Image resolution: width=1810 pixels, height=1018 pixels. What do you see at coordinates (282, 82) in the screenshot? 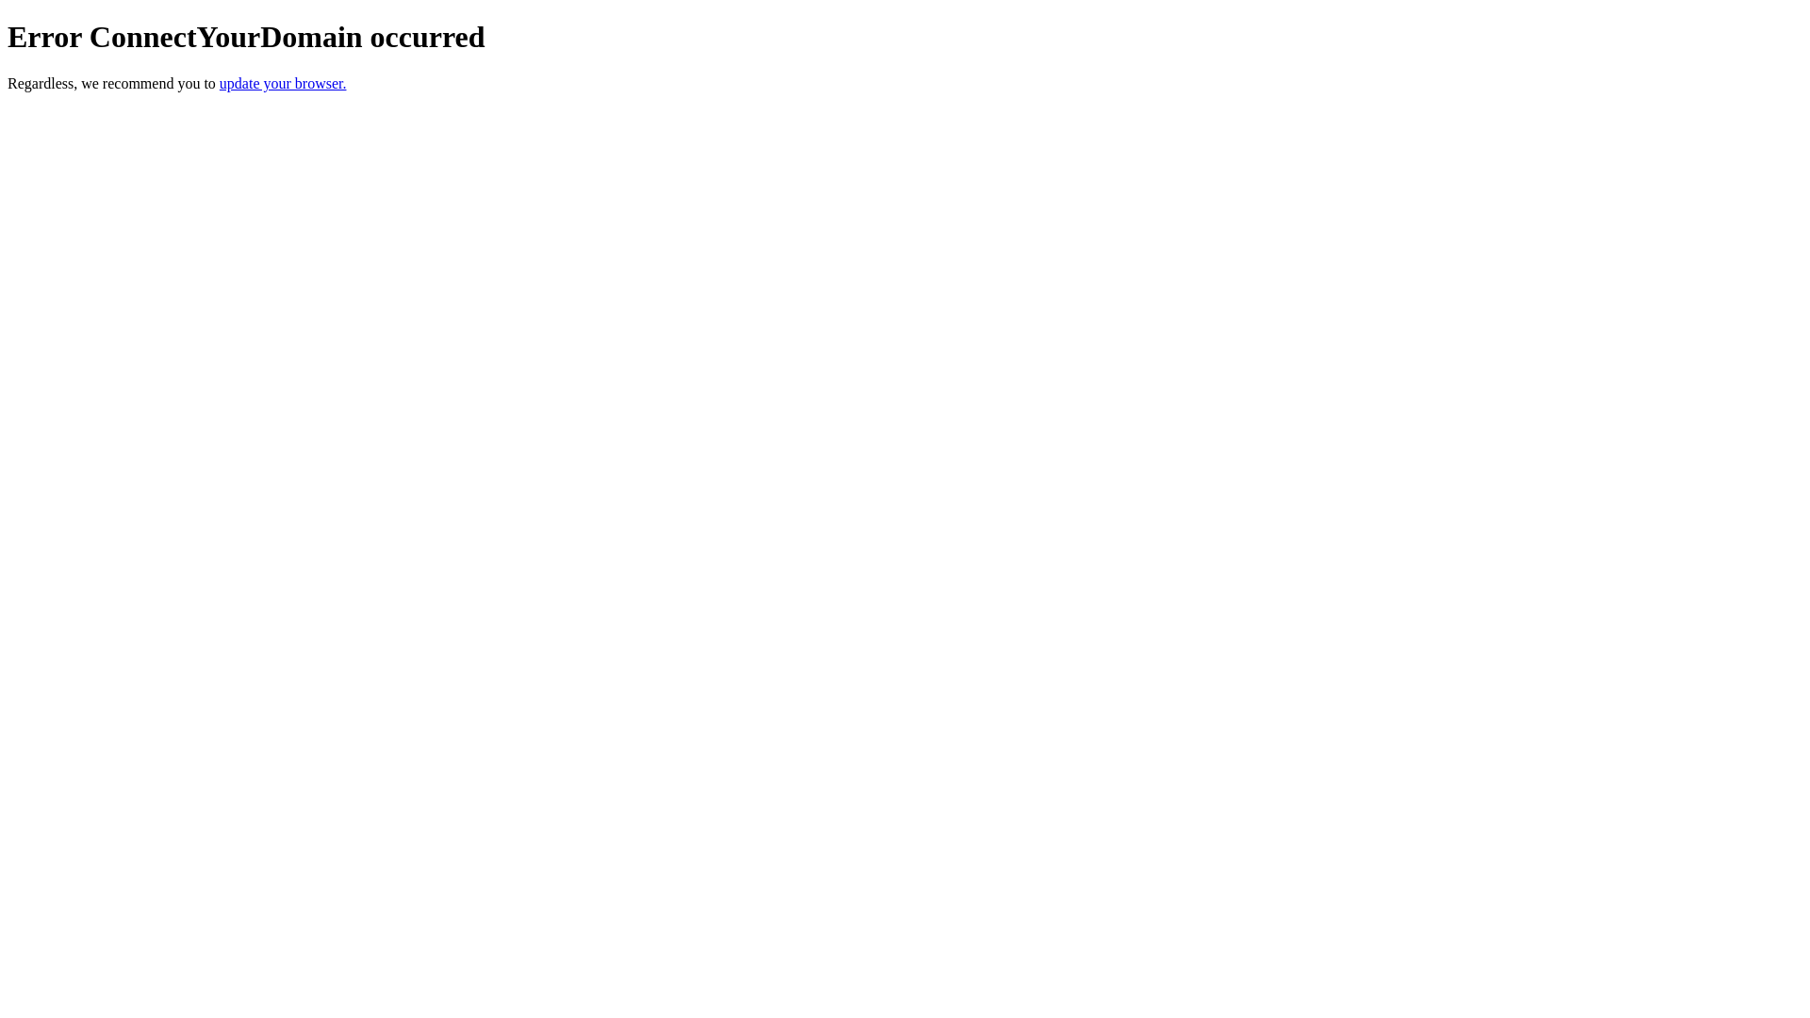
I see `'update your browser.'` at bounding box center [282, 82].